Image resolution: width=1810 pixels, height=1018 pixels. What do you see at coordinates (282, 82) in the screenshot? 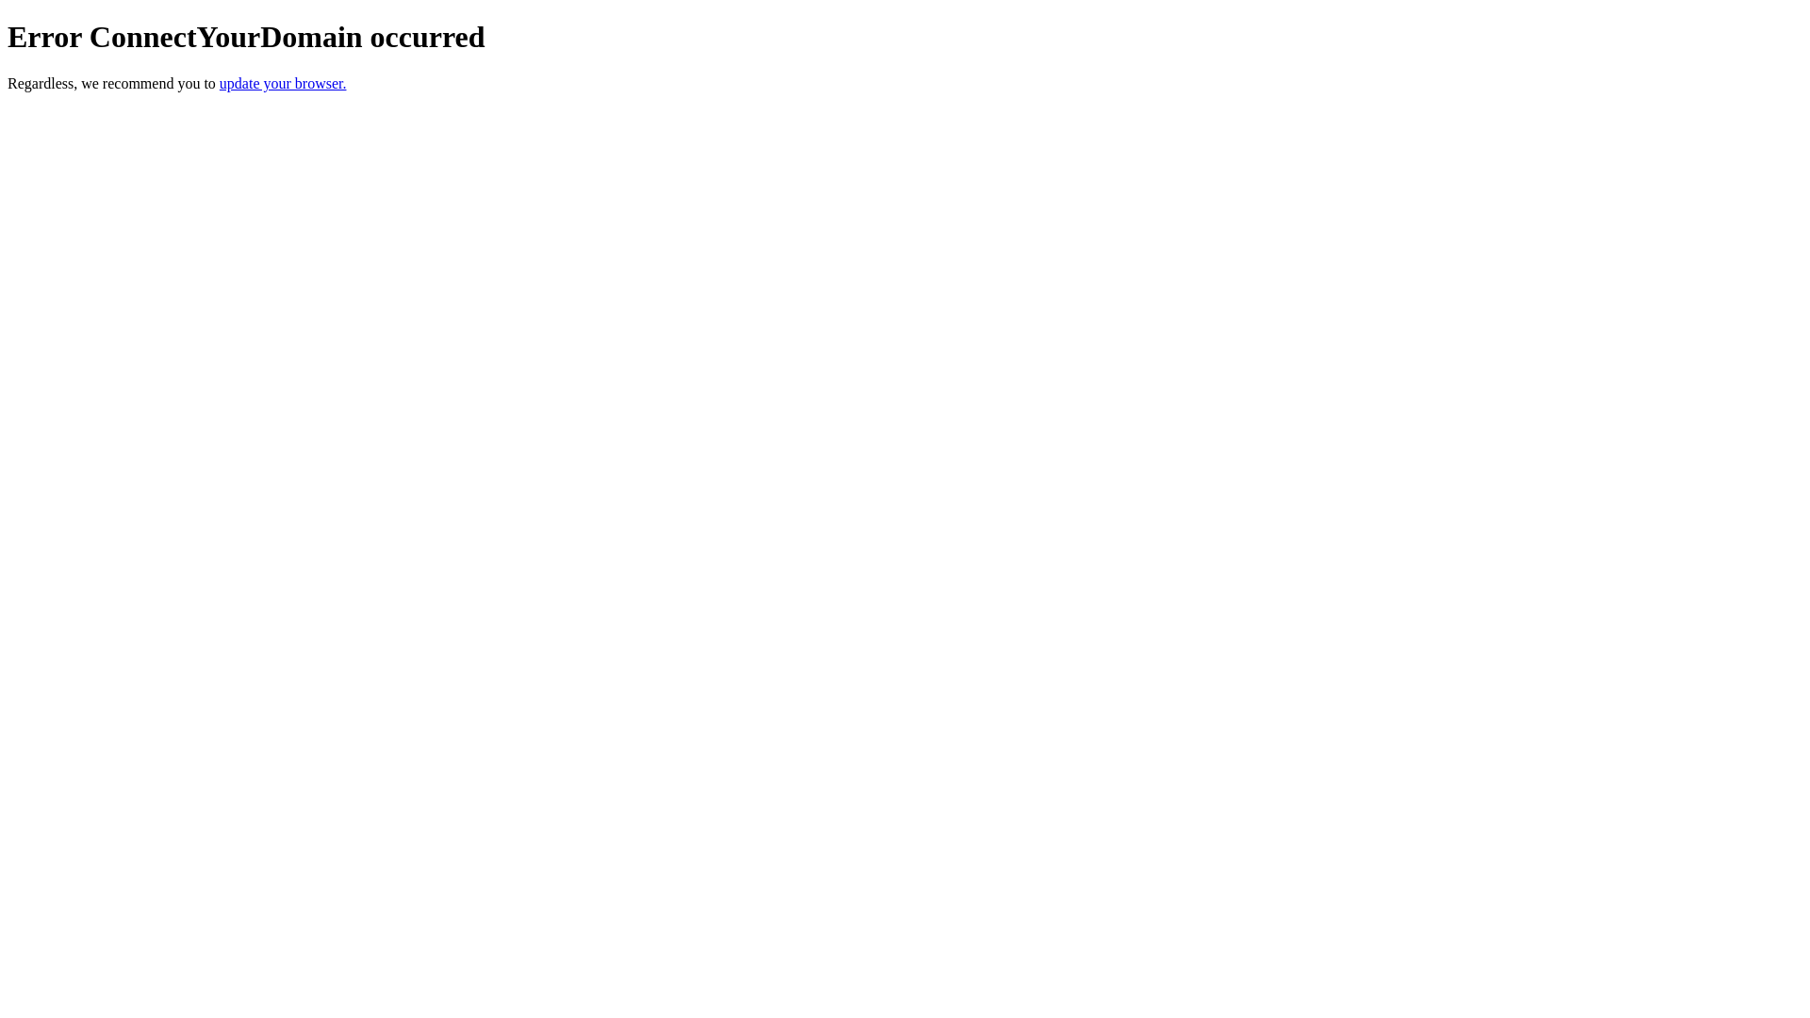
I see `'update your browser.'` at bounding box center [282, 82].